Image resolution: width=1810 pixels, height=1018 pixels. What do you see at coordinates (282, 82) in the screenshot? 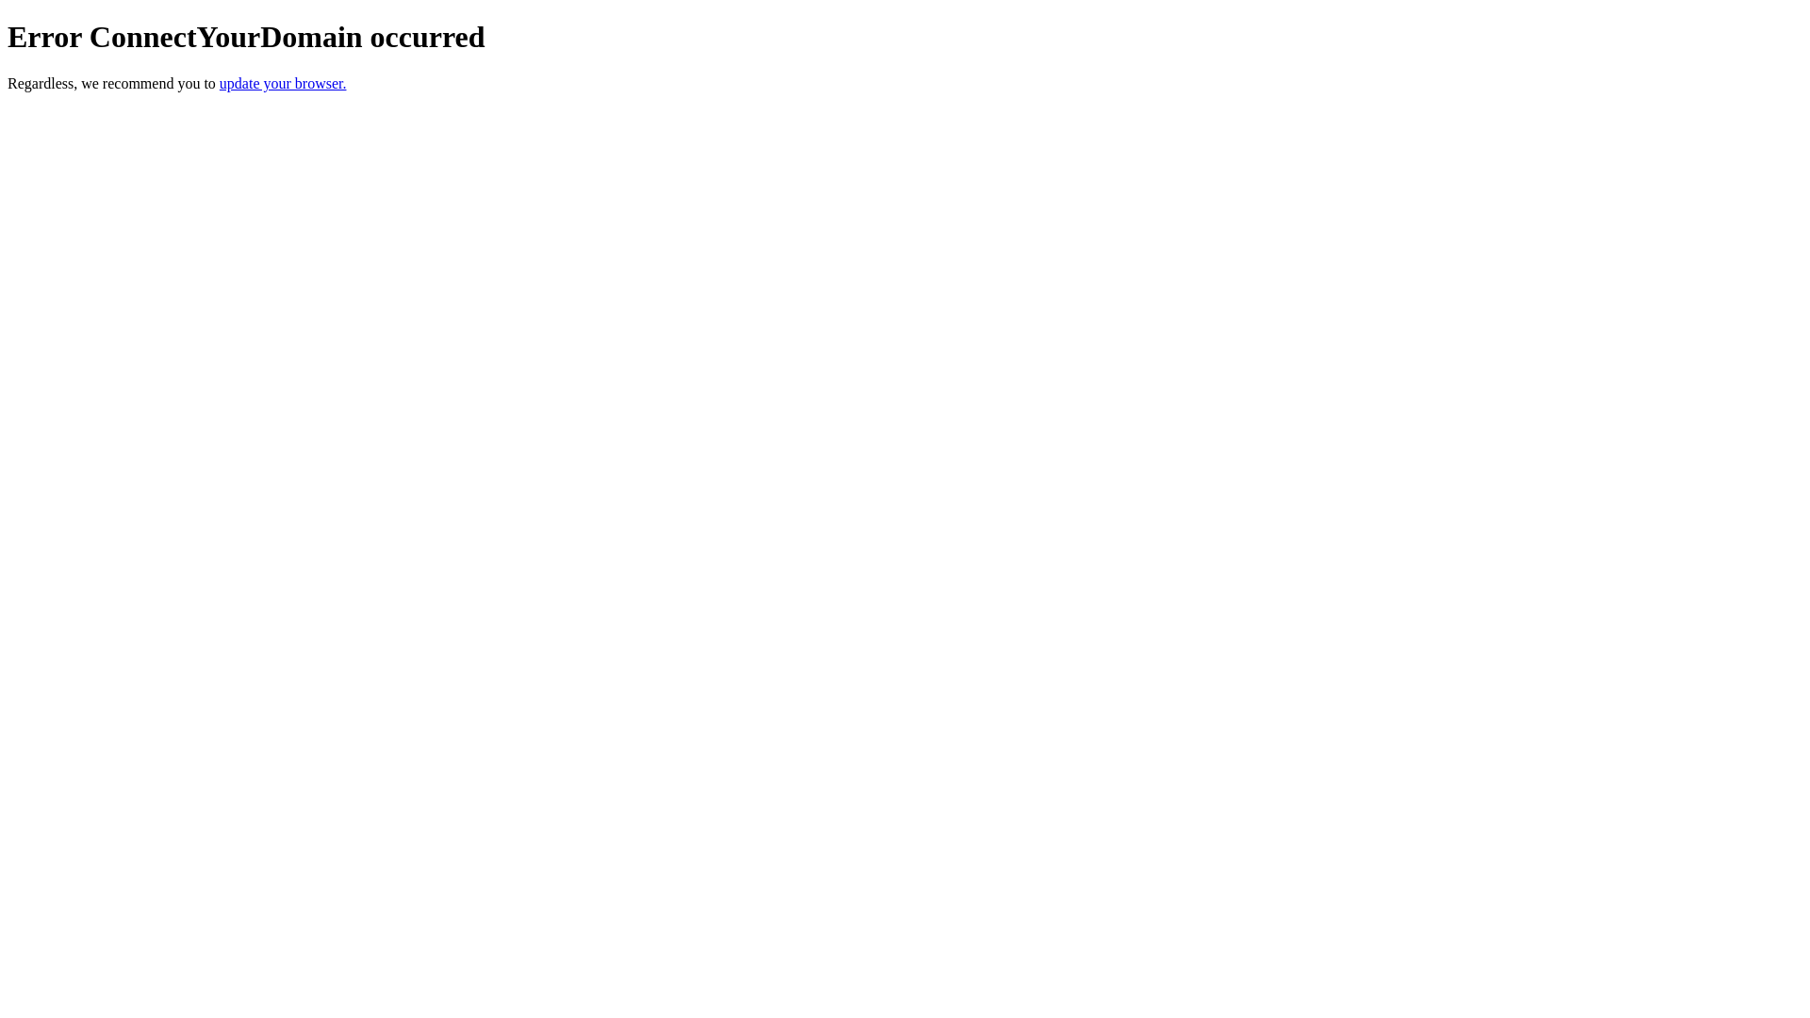
I see `'update your browser.'` at bounding box center [282, 82].